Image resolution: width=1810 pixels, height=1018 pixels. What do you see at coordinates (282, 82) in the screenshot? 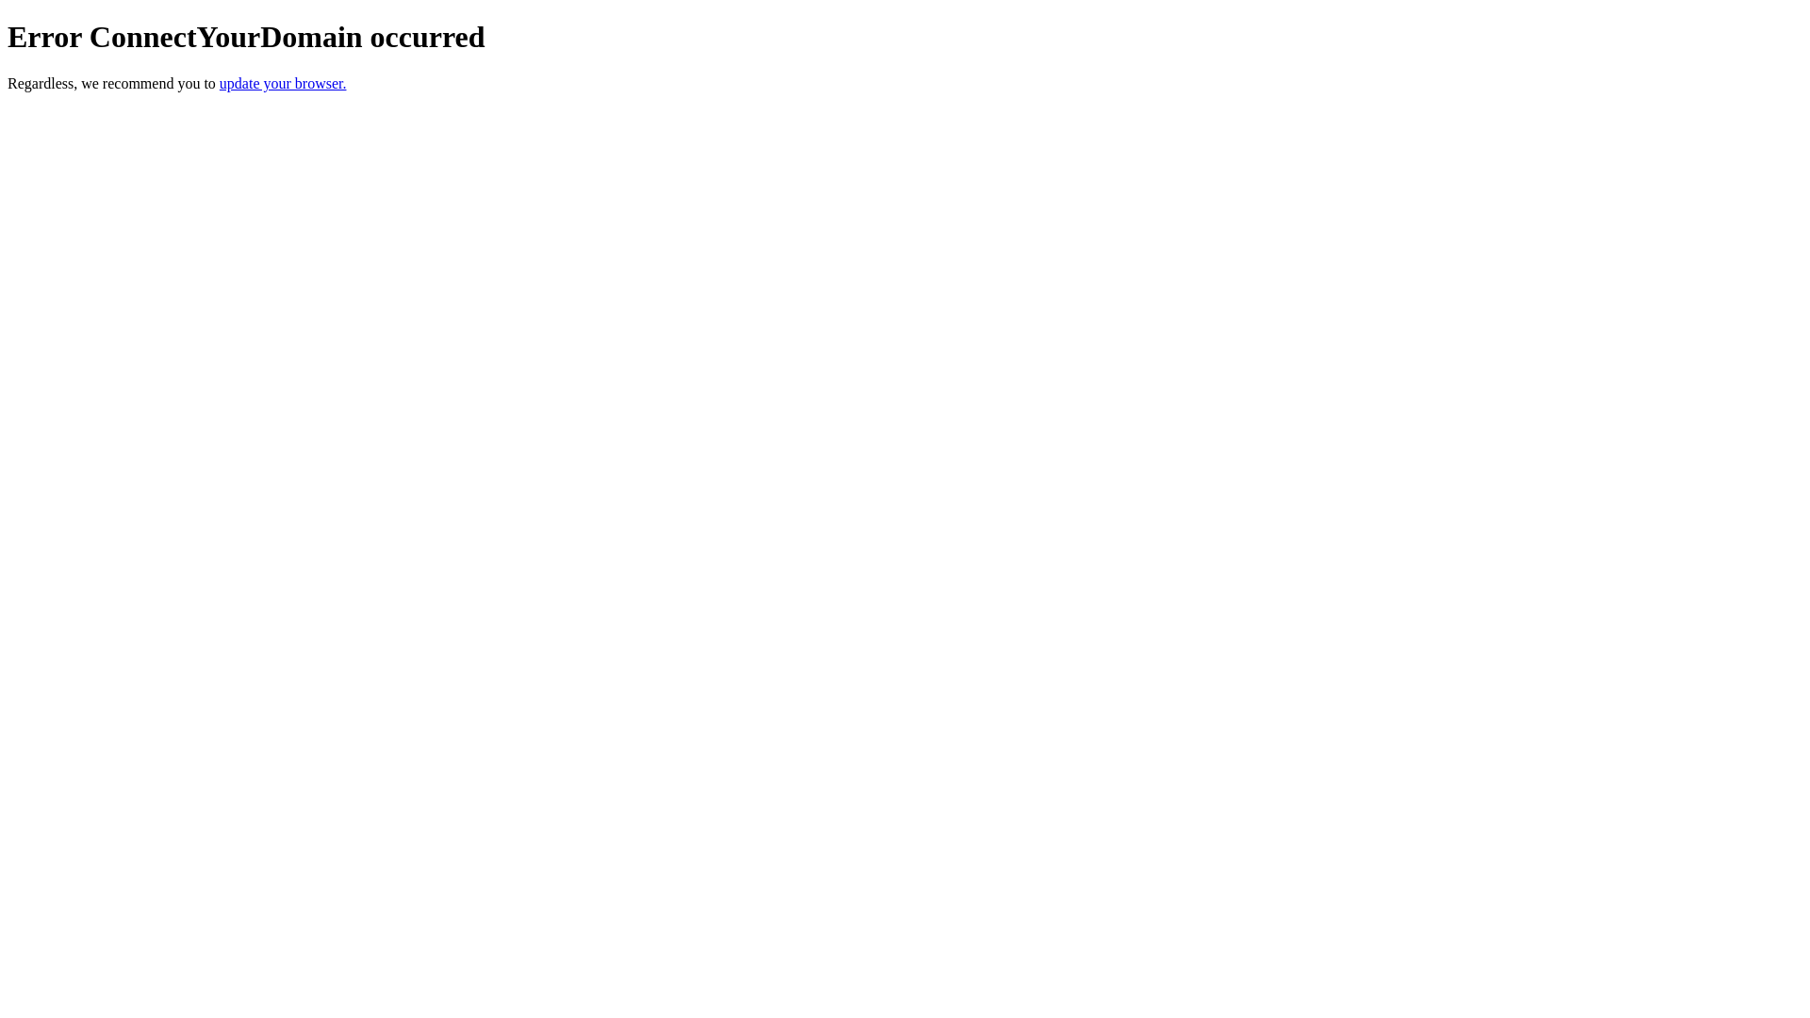
I see `'update your browser.'` at bounding box center [282, 82].